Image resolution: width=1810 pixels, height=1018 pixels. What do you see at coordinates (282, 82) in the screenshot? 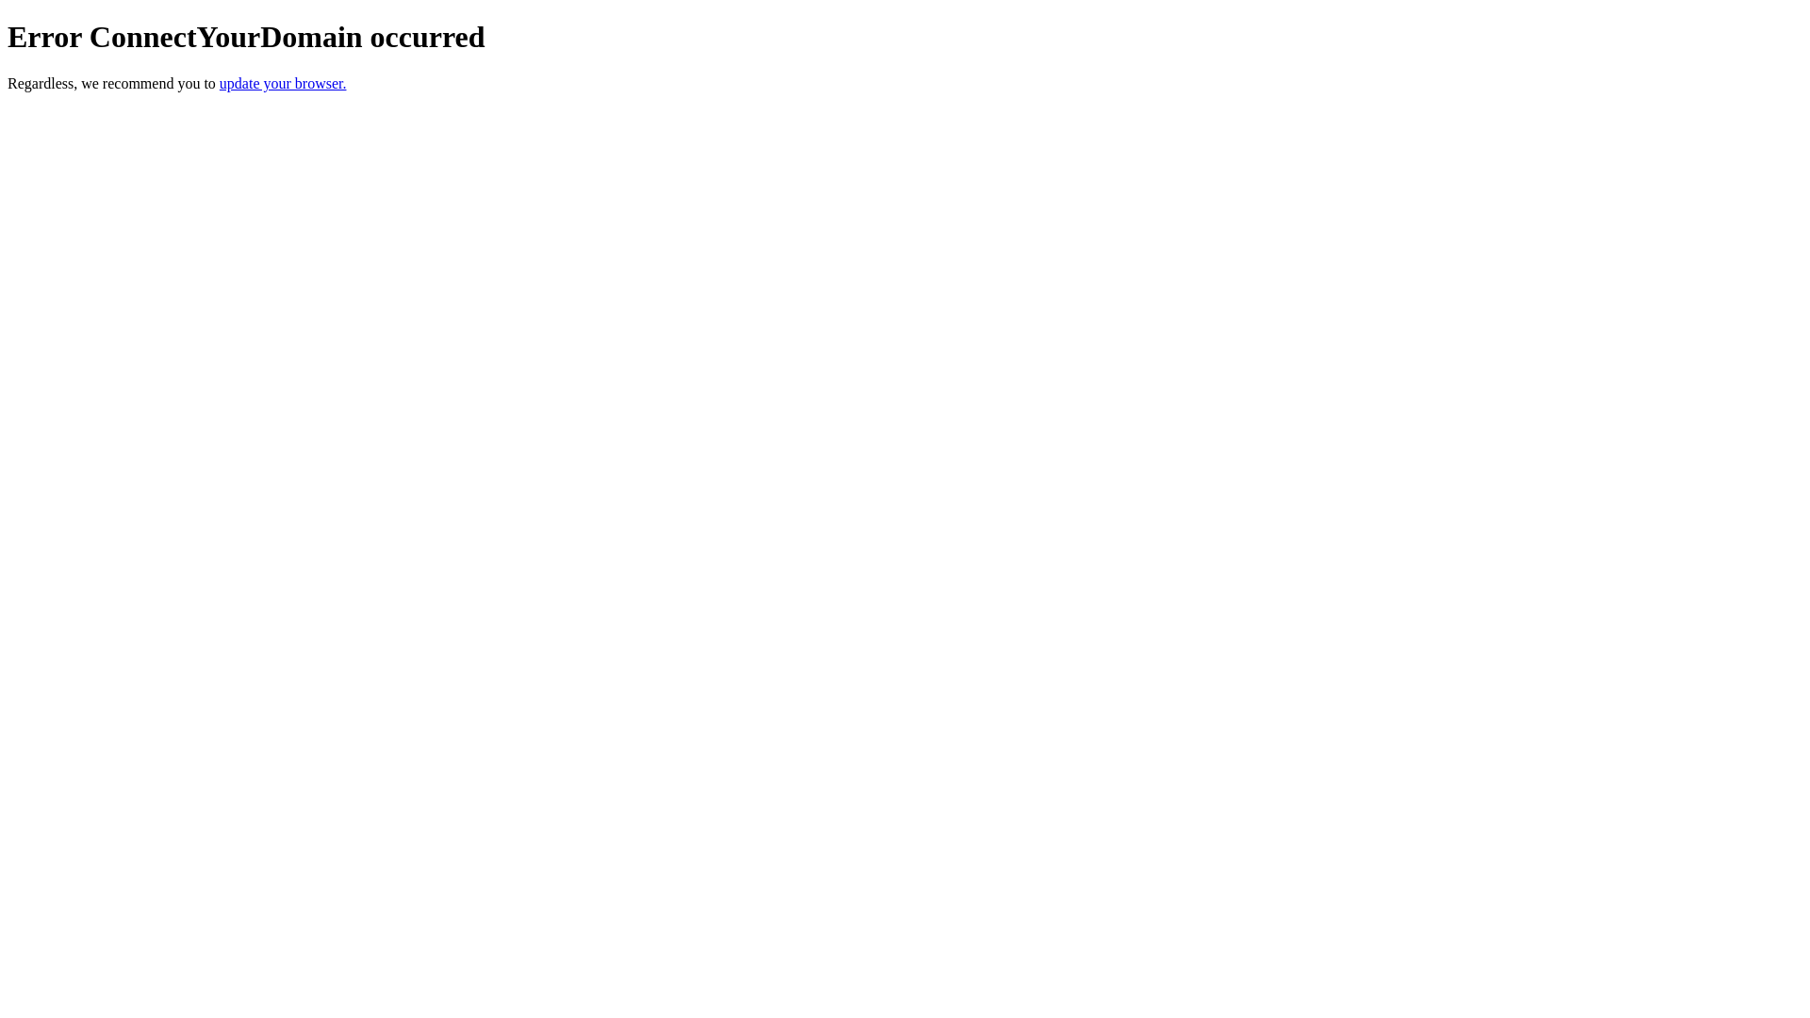
I see `'update your browser.'` at bounding box center [282, 82].